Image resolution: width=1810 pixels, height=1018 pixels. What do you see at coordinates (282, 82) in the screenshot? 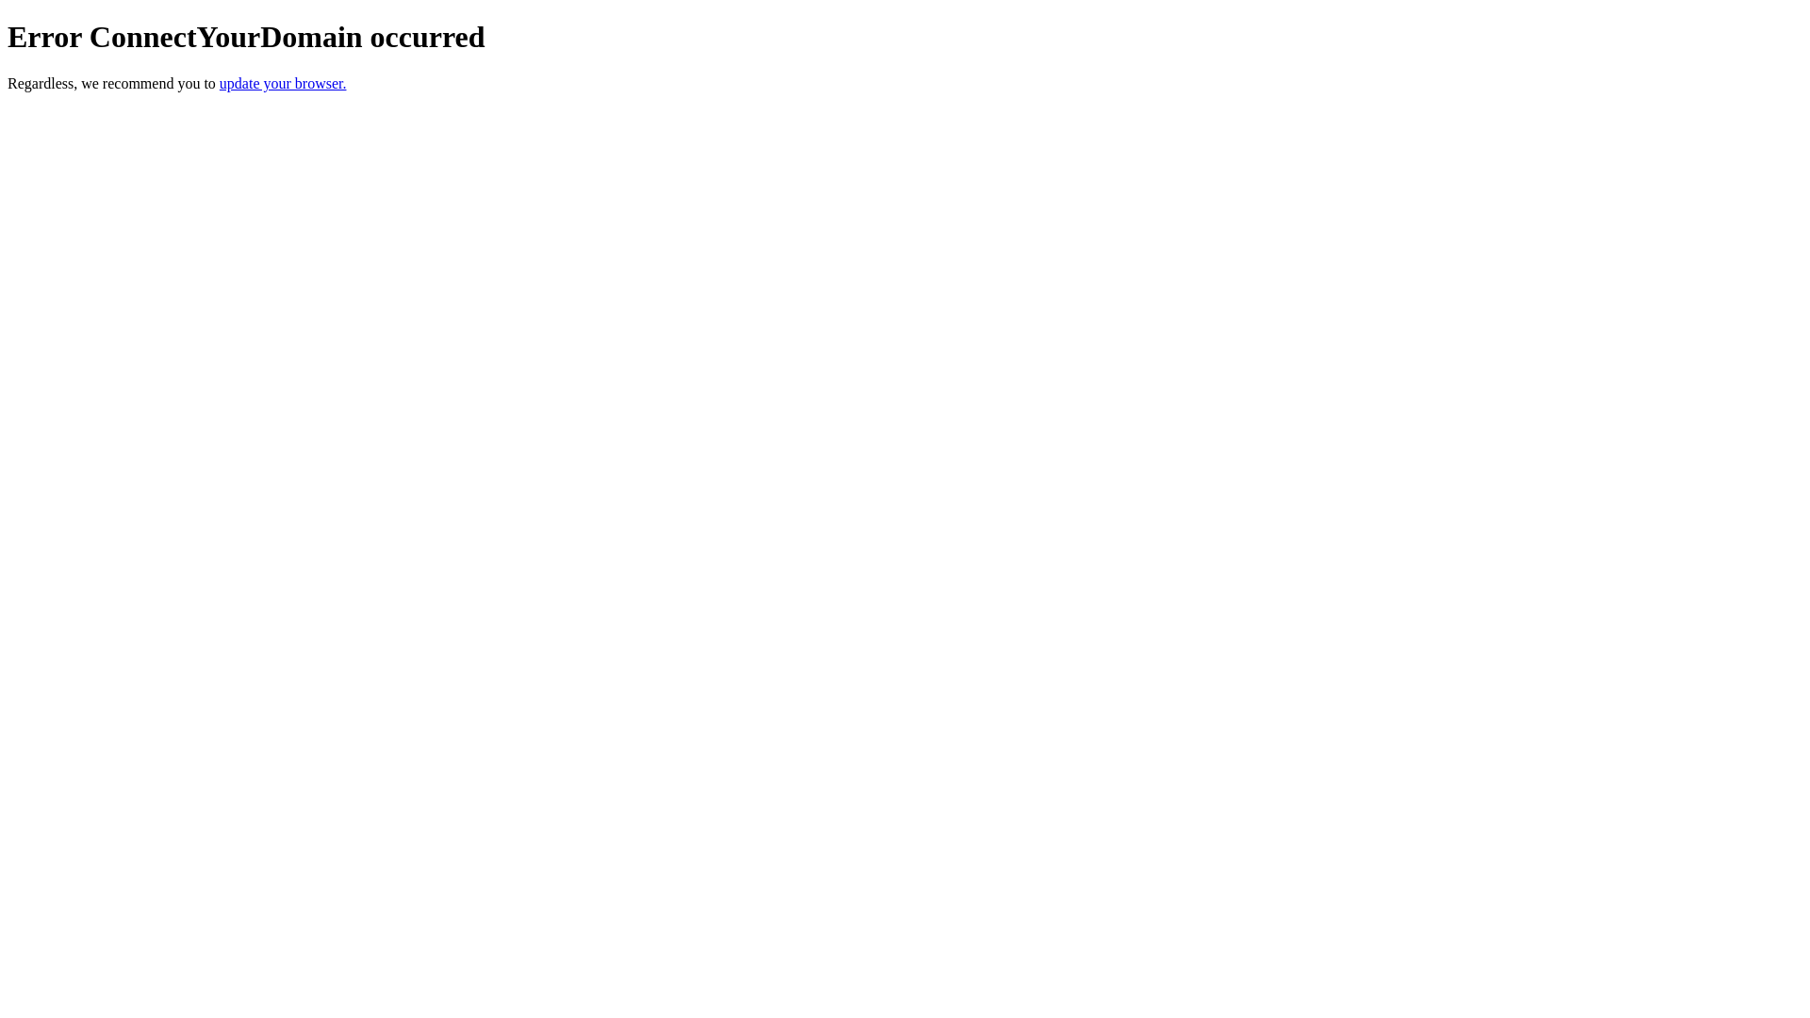
I see `'update your browser.'` at bounding box center [282, 82].